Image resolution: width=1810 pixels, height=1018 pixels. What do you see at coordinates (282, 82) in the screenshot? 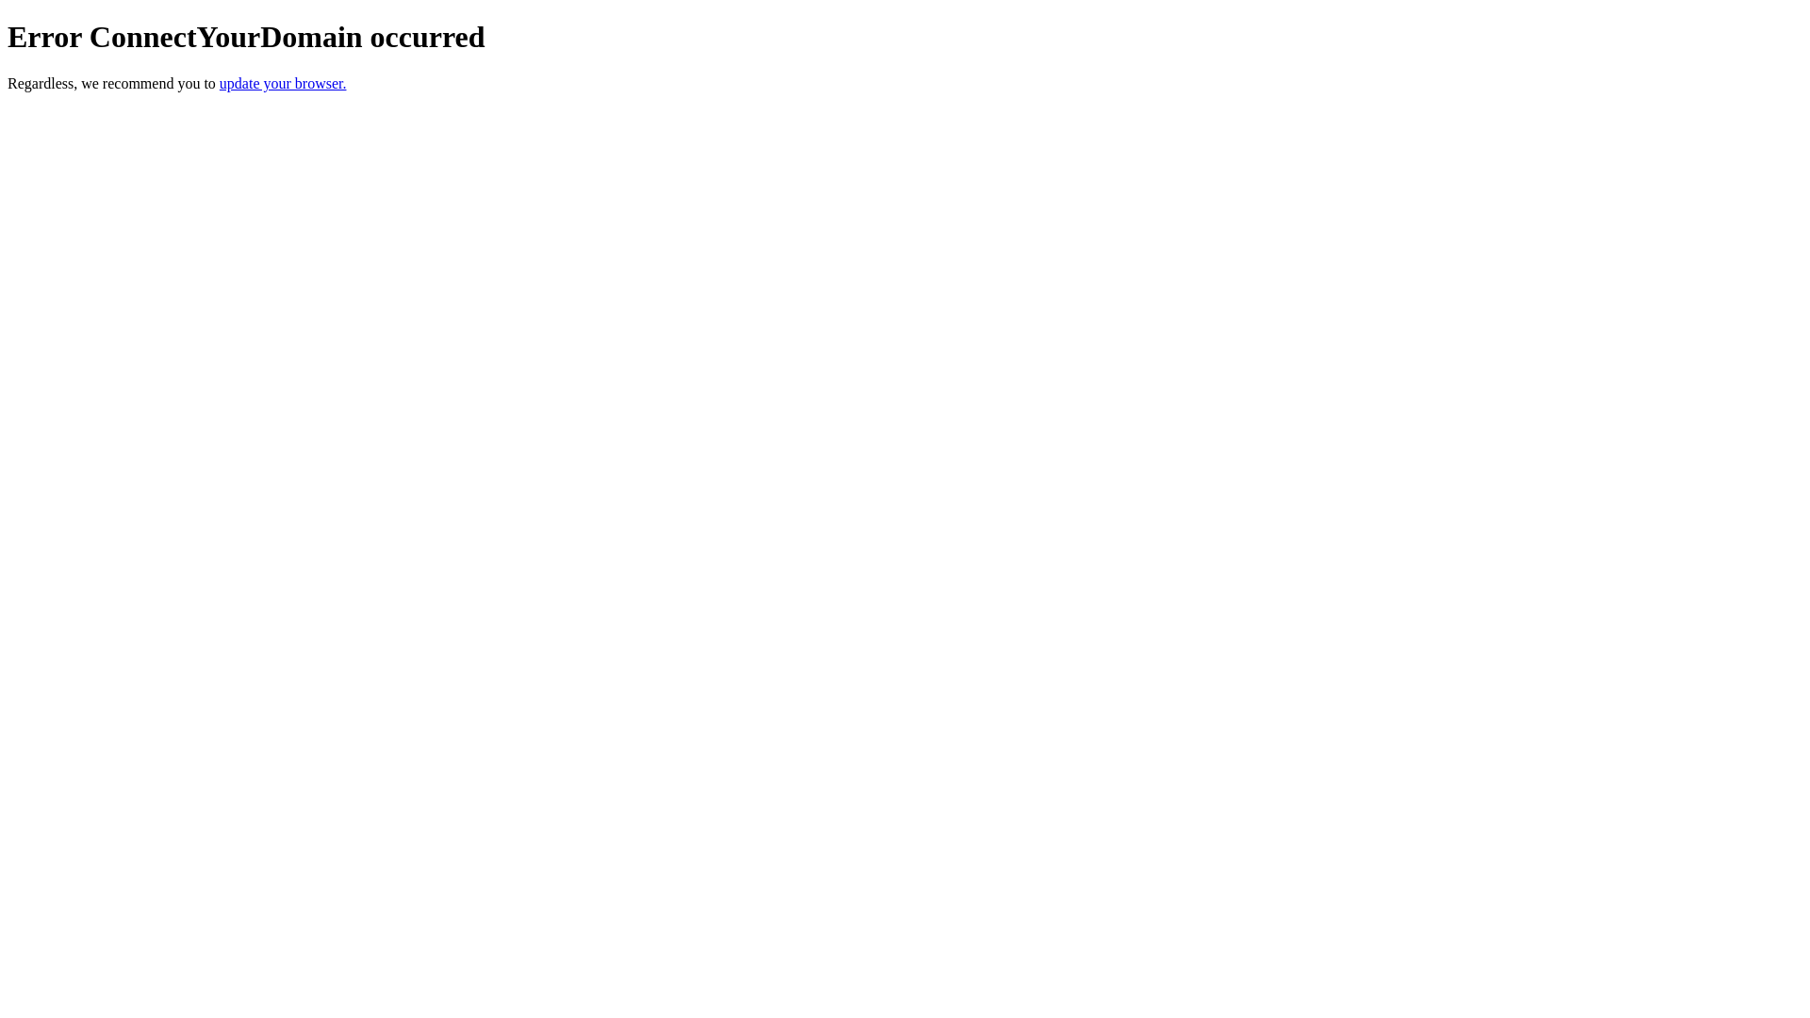
I see `'update your browser.'` at bounding box center [282, 82].